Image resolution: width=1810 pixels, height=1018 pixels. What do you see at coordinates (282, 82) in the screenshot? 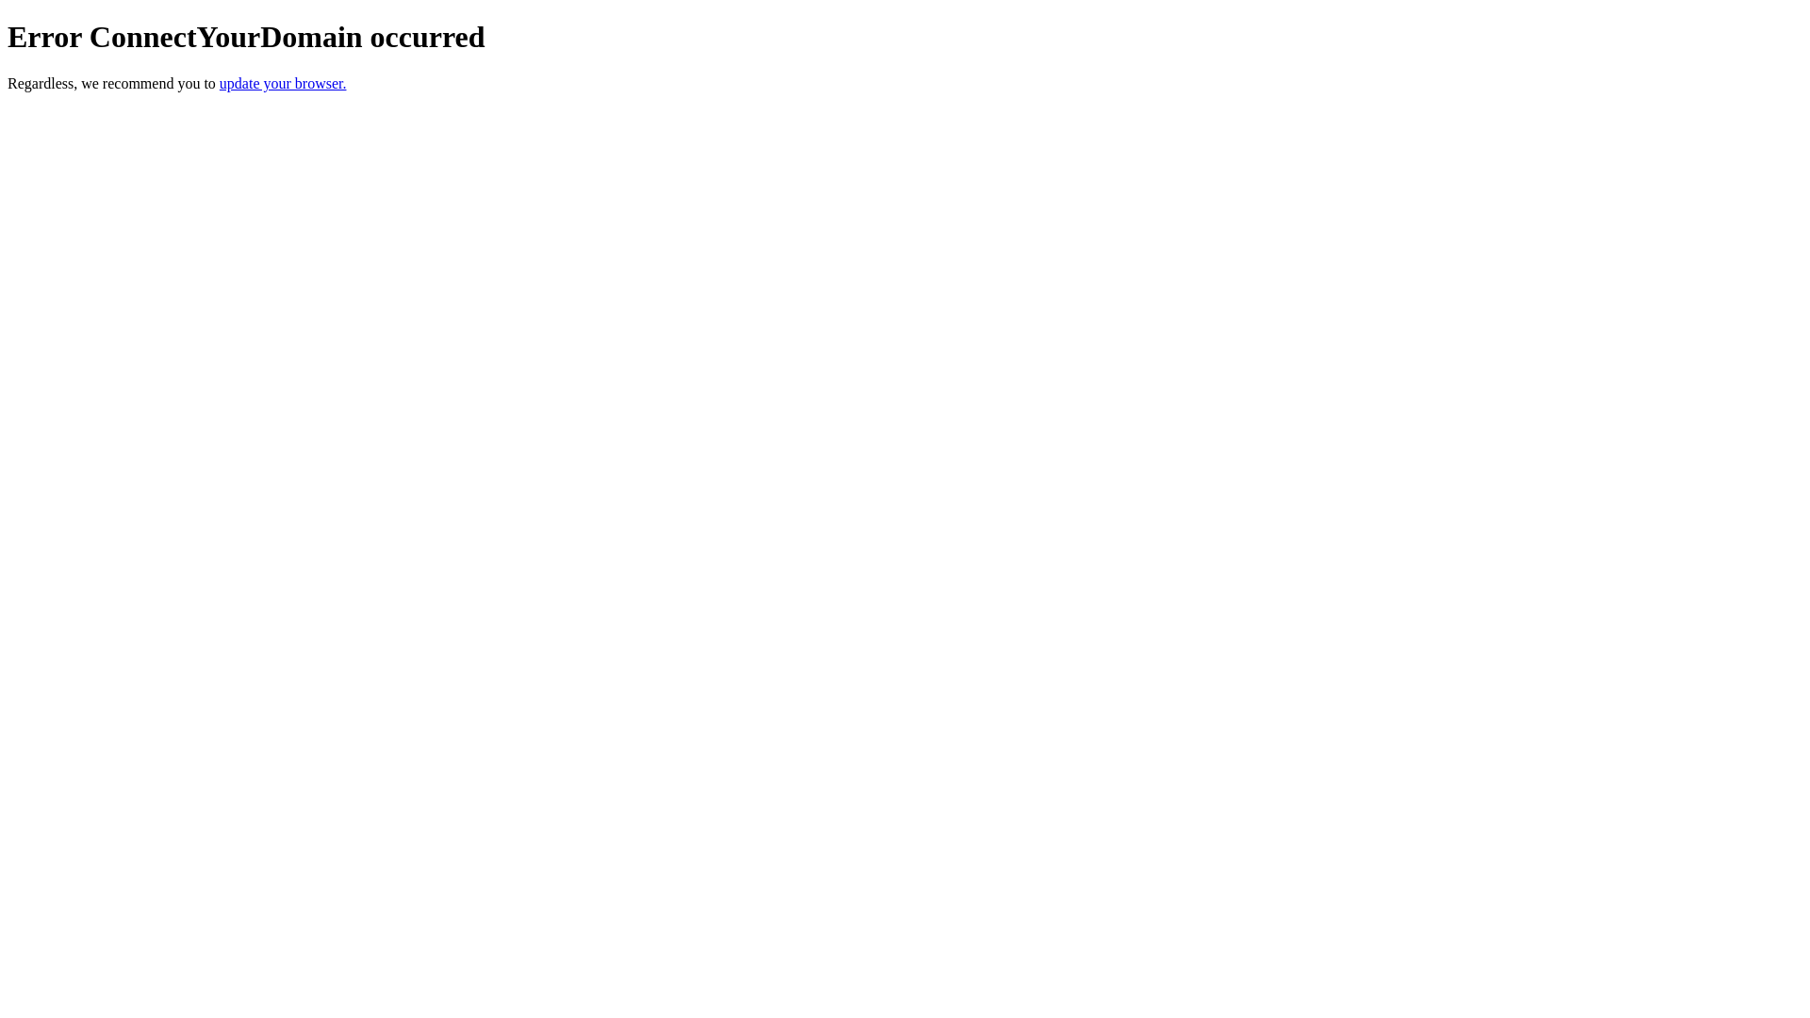
I see `'update your browser.'` at bounding box center [282, 82].